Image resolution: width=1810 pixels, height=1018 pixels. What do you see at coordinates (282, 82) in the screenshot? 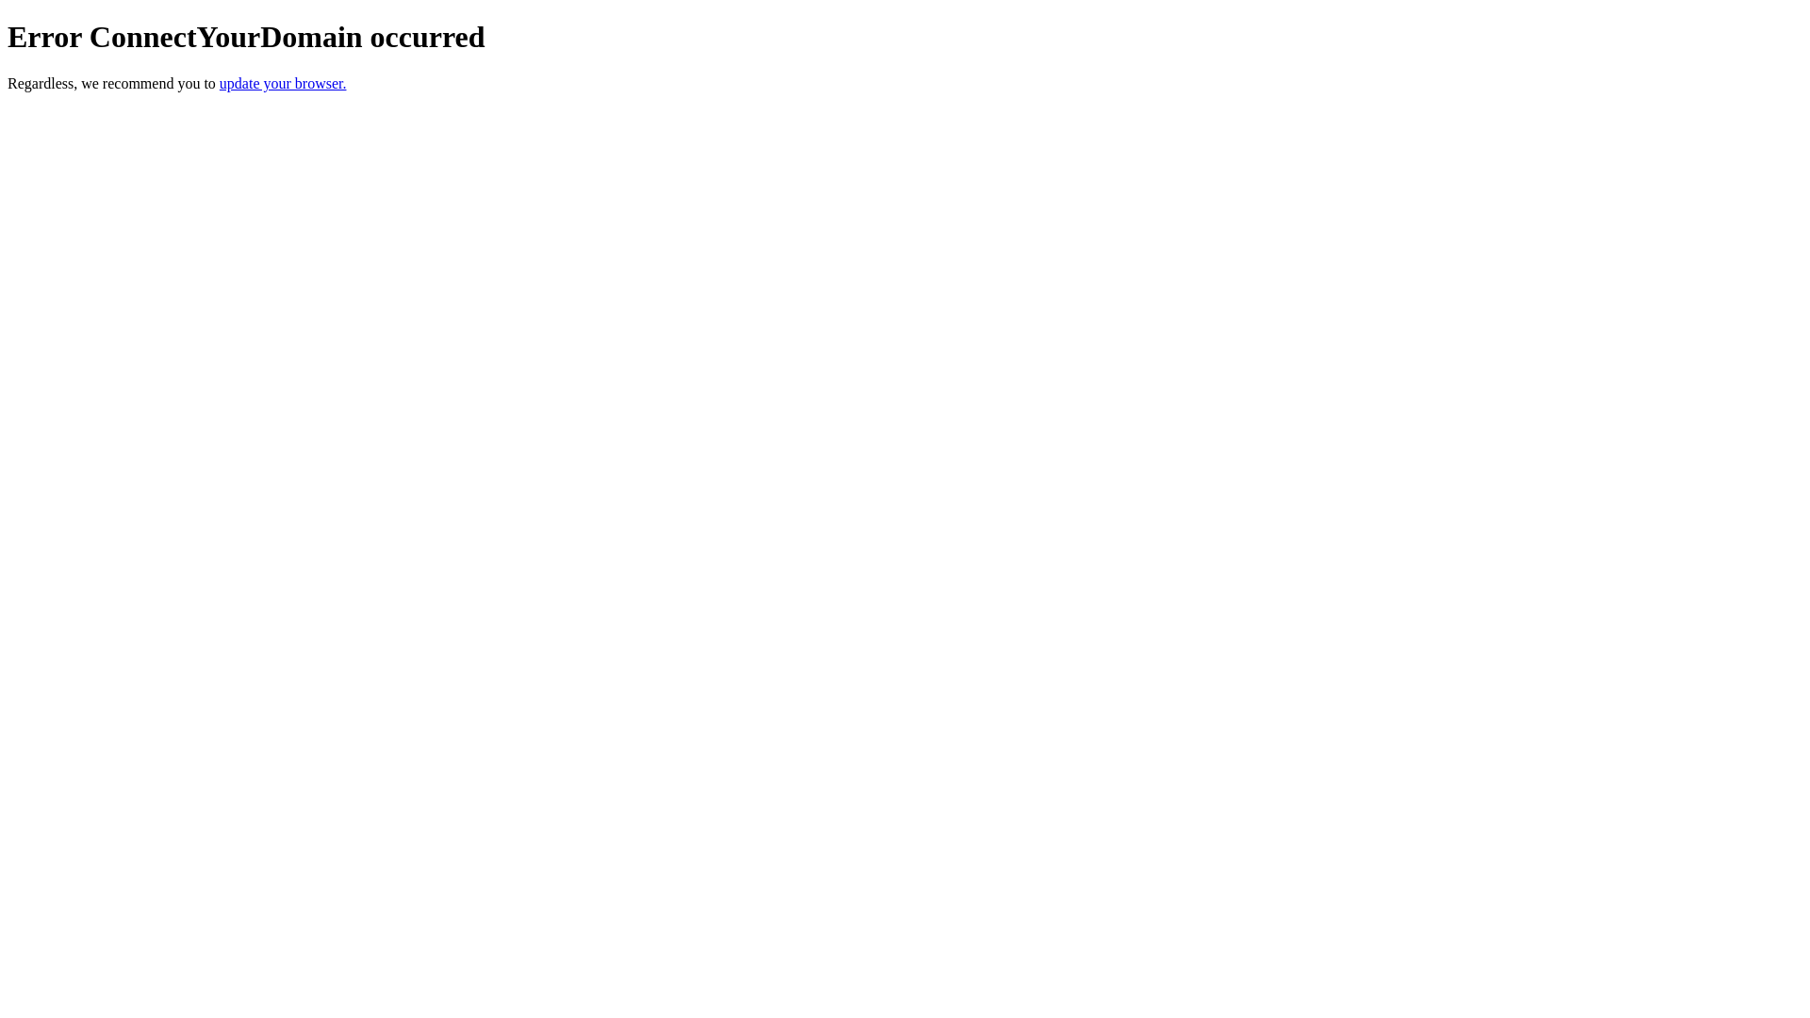
I see `'update your browser.'` at bounding box center [282, 82].